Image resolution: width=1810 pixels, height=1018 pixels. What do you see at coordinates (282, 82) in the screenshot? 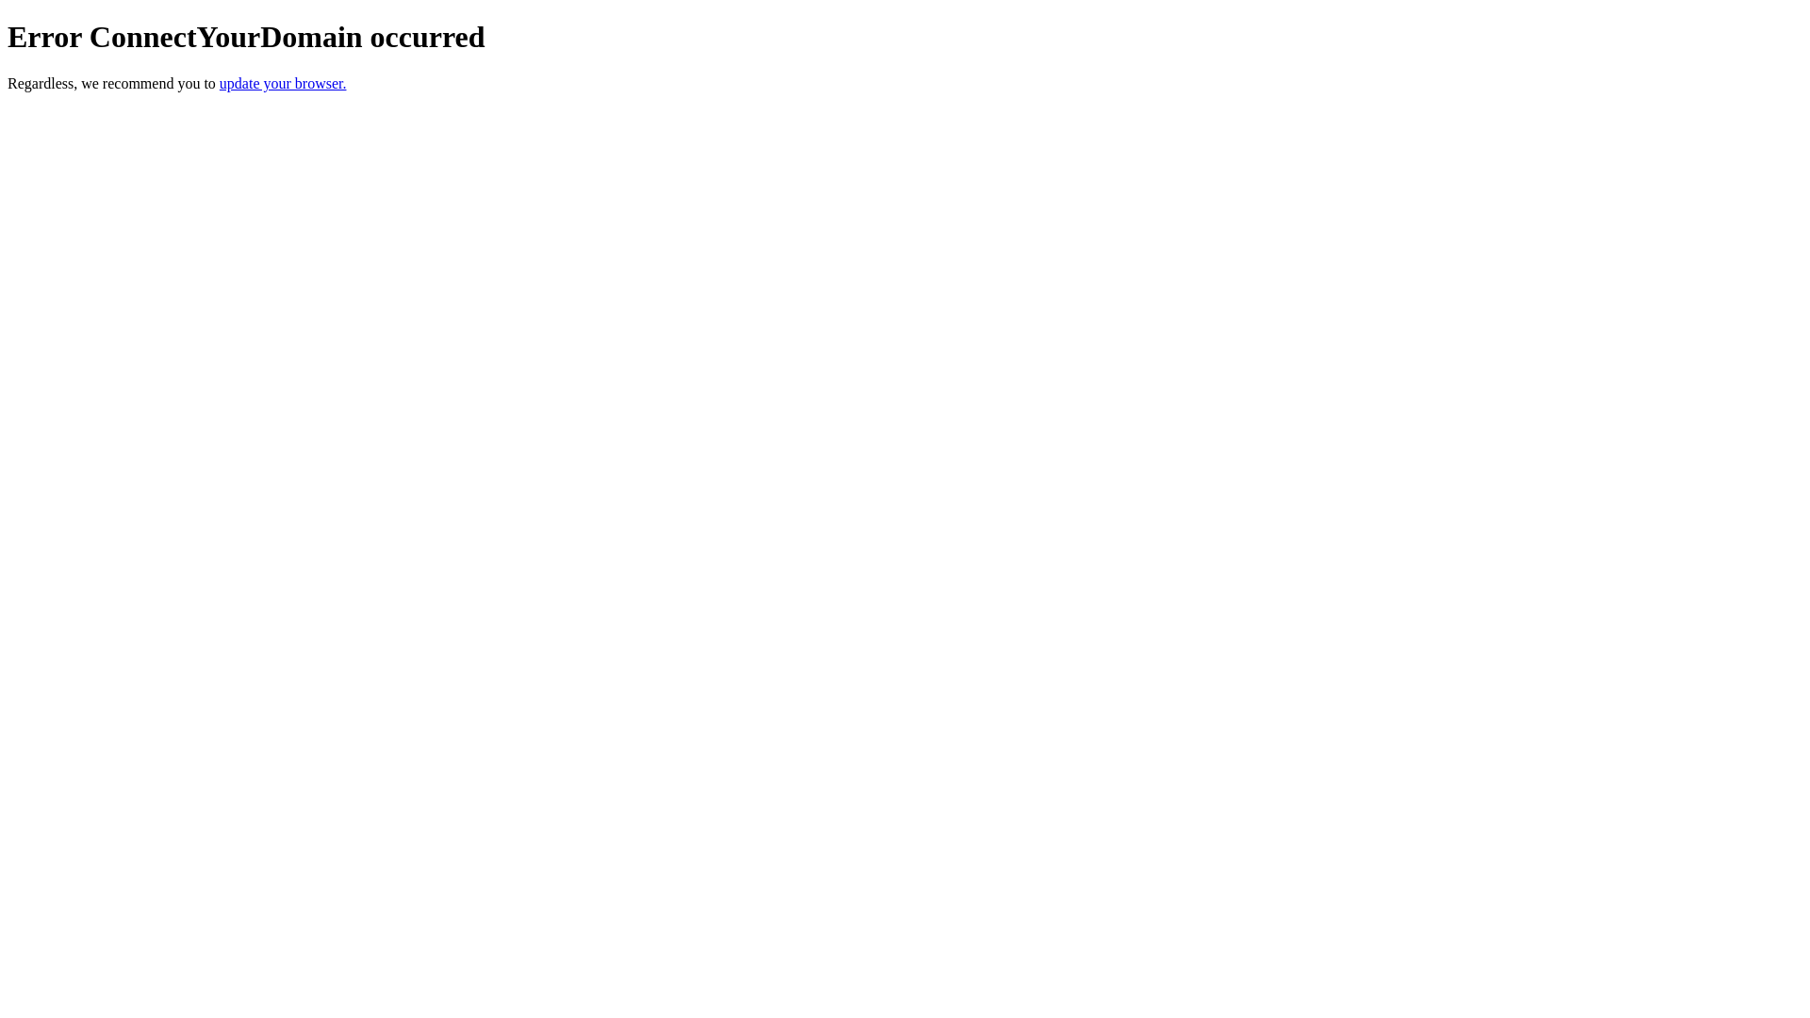
I see `'update your browser.'` at bounding box center [282, 82].